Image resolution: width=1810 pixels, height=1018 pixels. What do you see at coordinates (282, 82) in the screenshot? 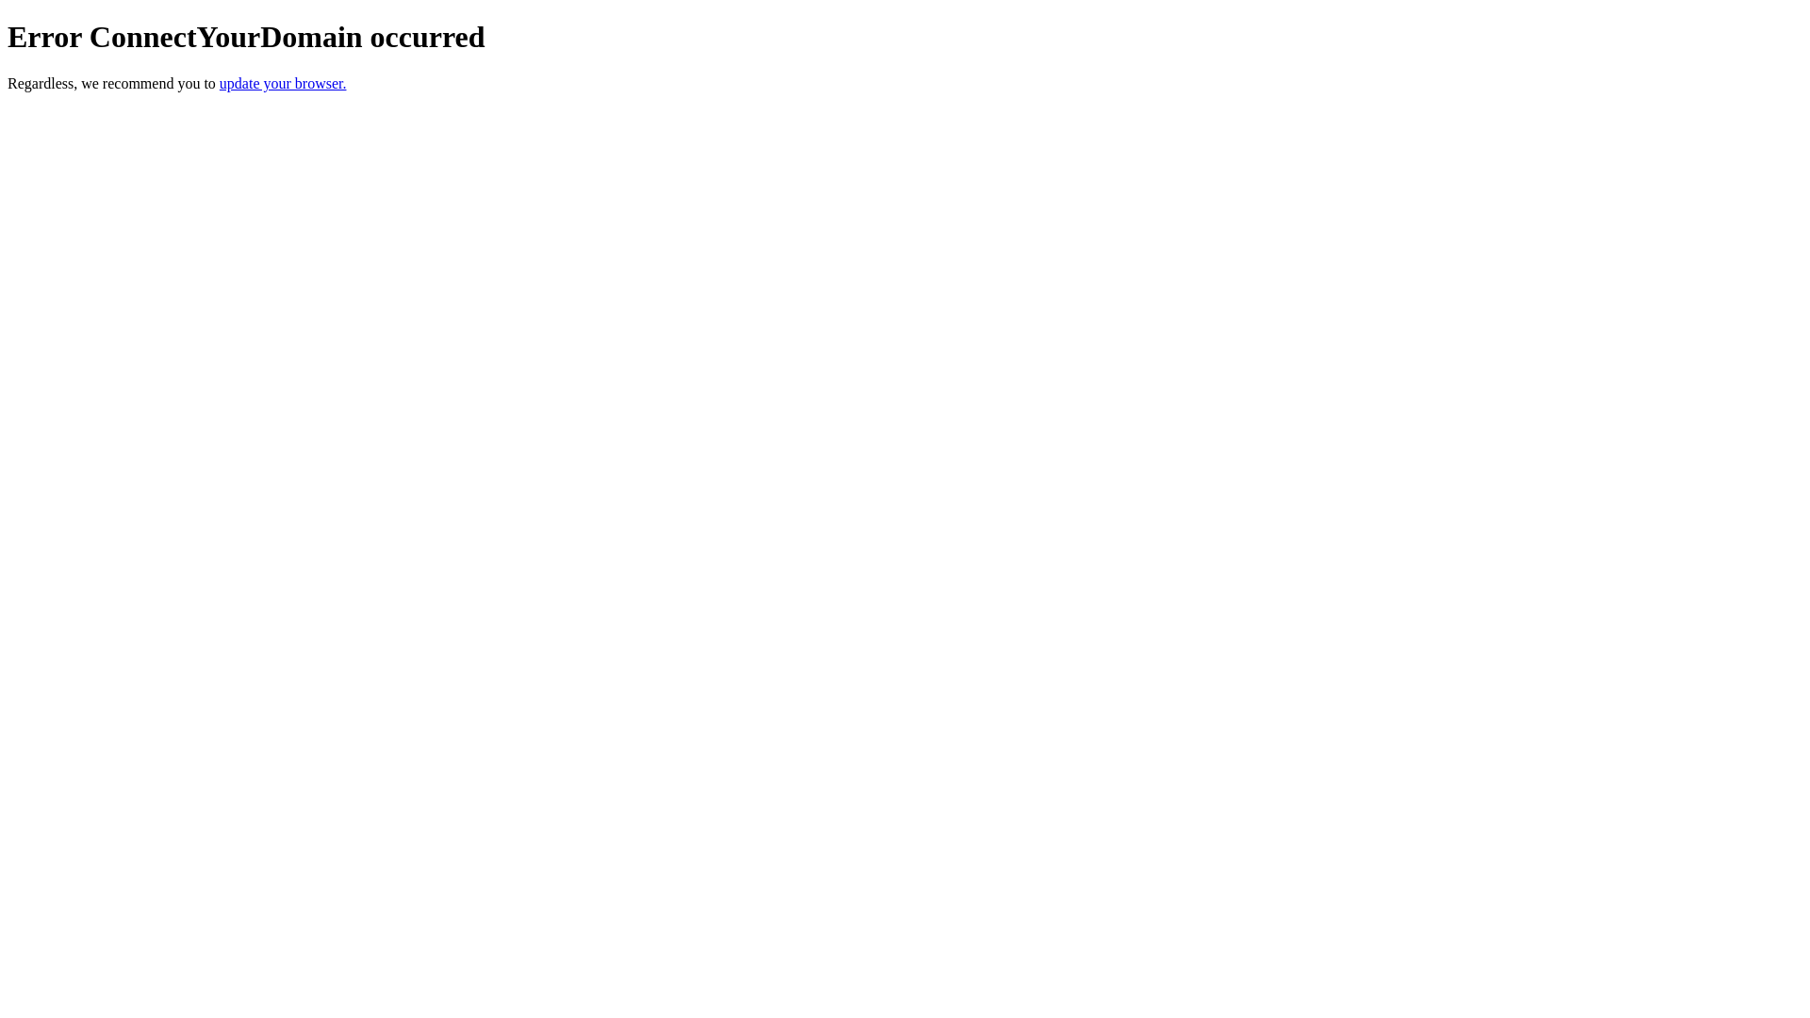
I see `'update your browser.'` at bounding box center [282, 82].